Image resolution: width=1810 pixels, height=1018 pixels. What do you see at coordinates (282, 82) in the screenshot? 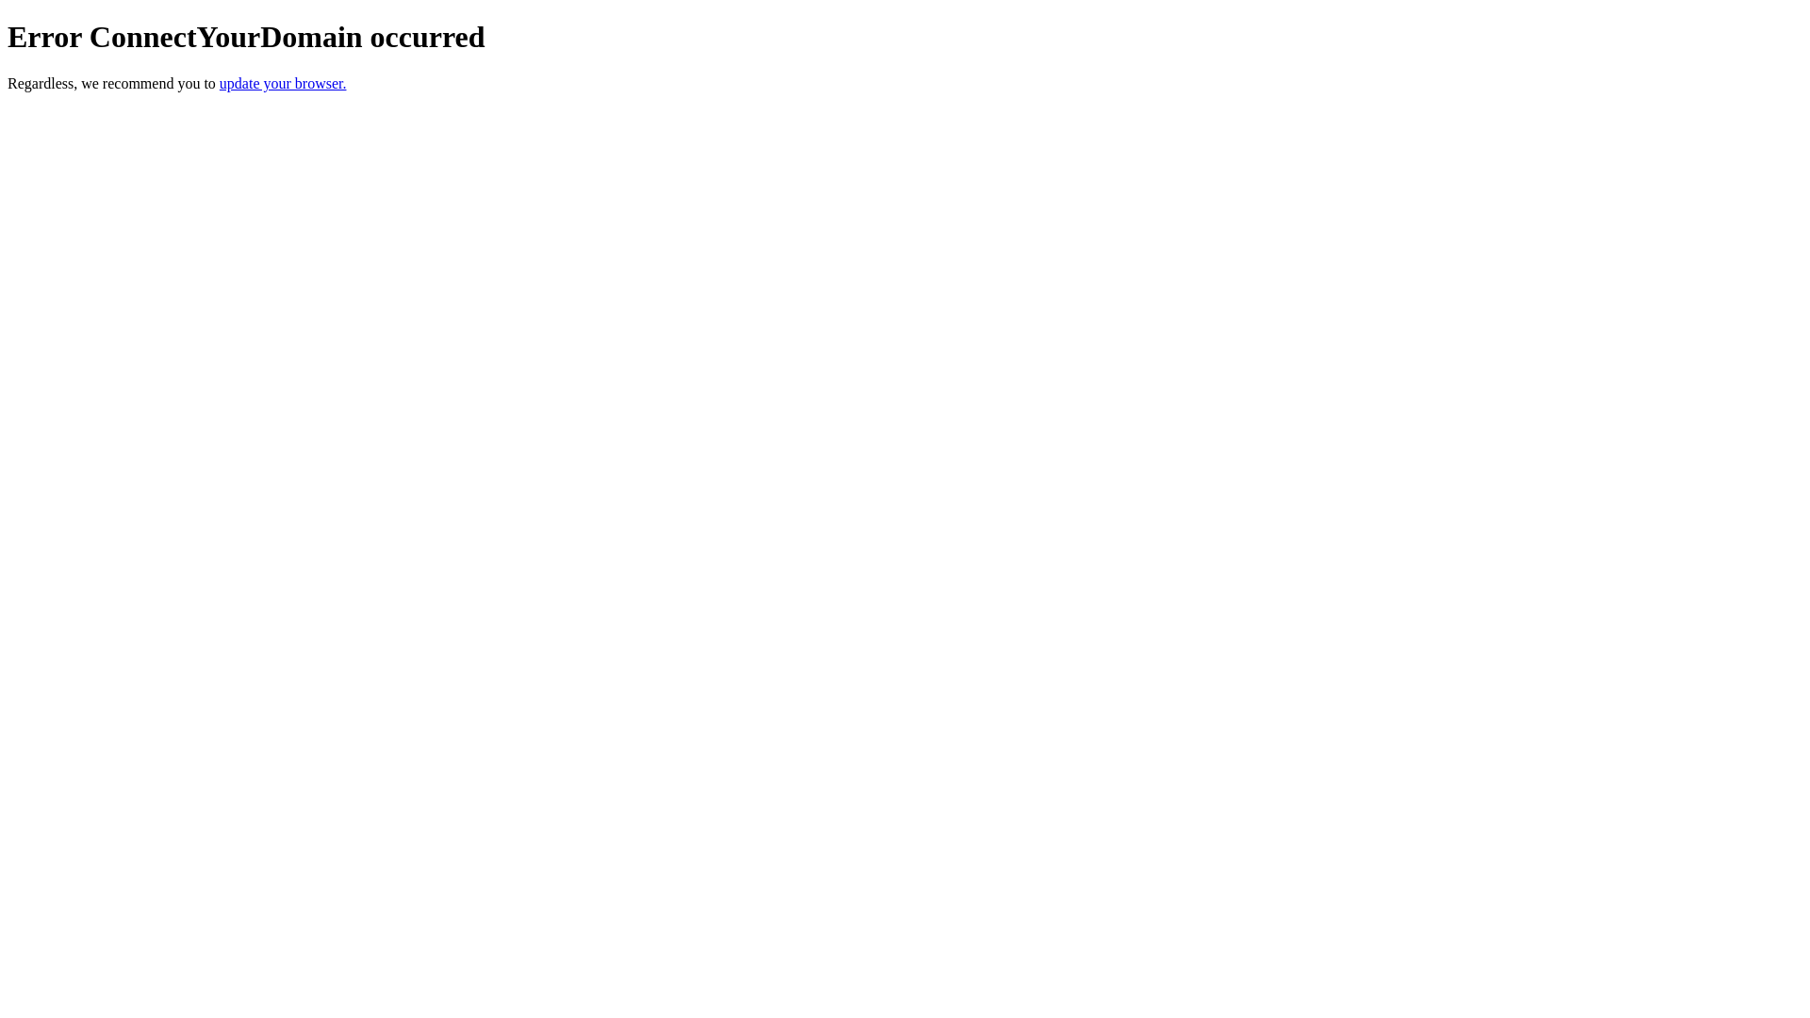
I see `'update your browser.'` at bounding box center [282, 82].